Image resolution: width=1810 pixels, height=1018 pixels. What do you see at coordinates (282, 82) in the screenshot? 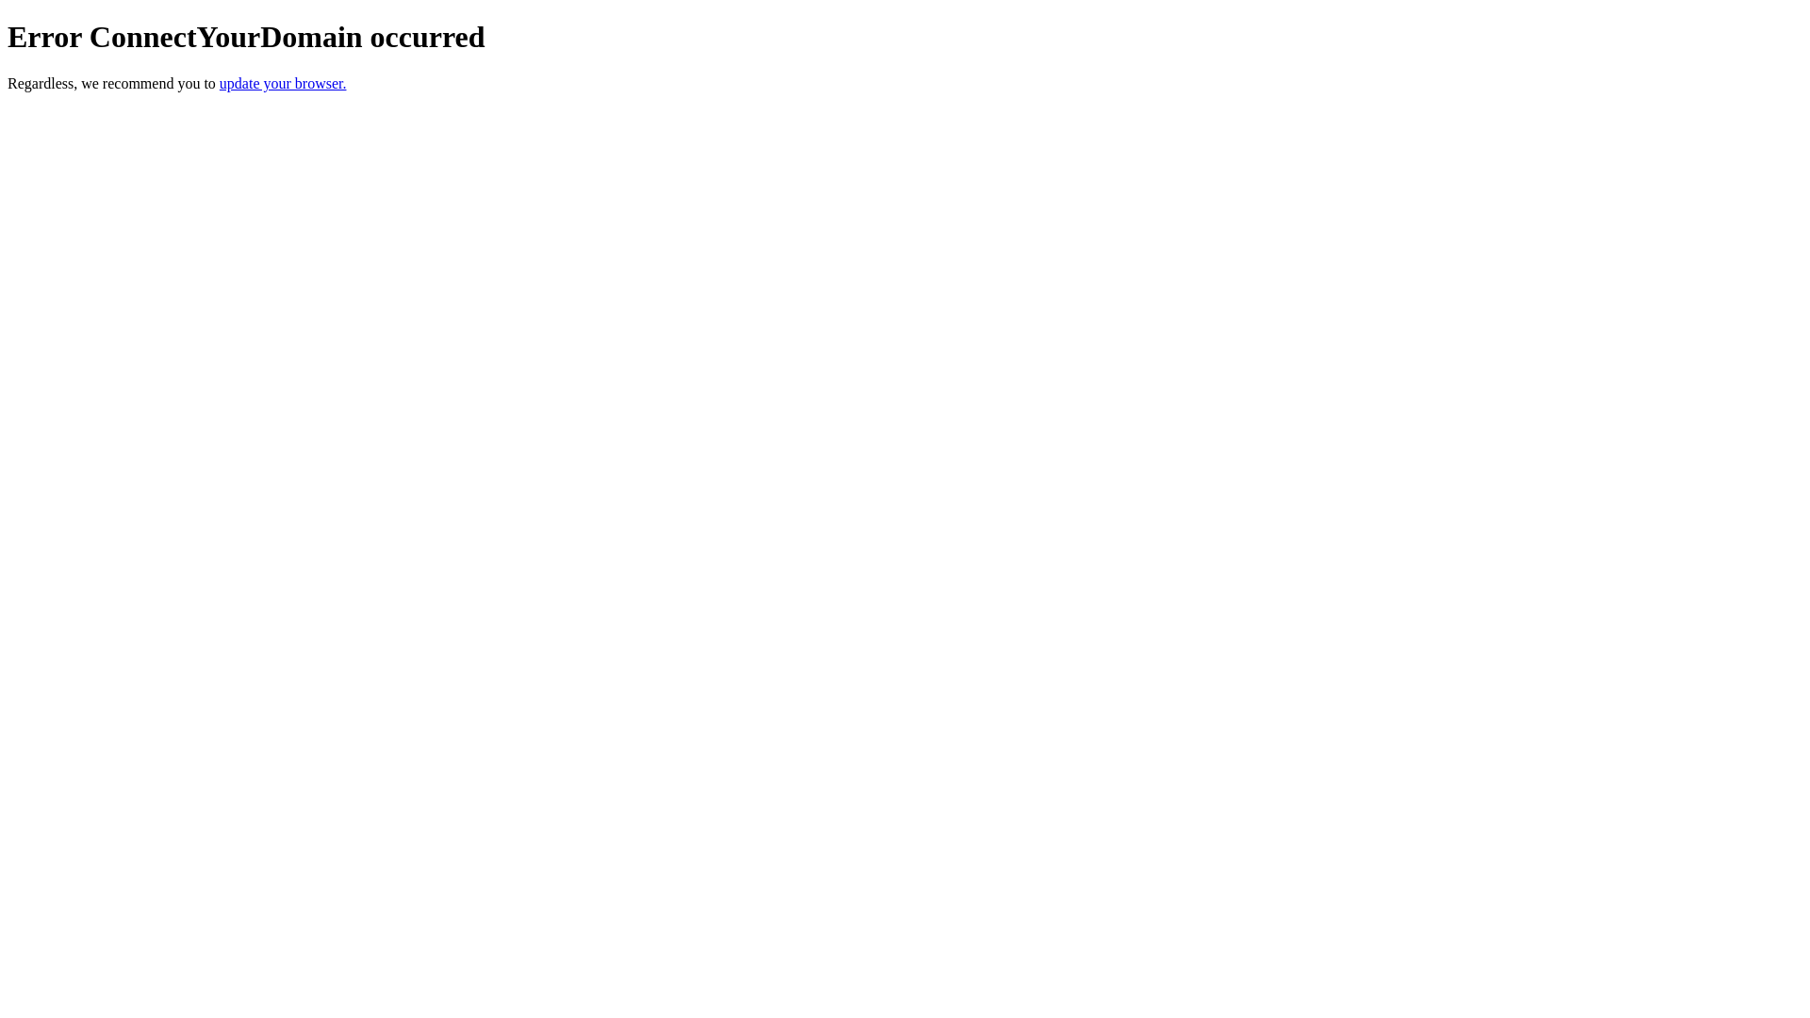
I see `'update your browser.'` at bounding box center [282, 82].